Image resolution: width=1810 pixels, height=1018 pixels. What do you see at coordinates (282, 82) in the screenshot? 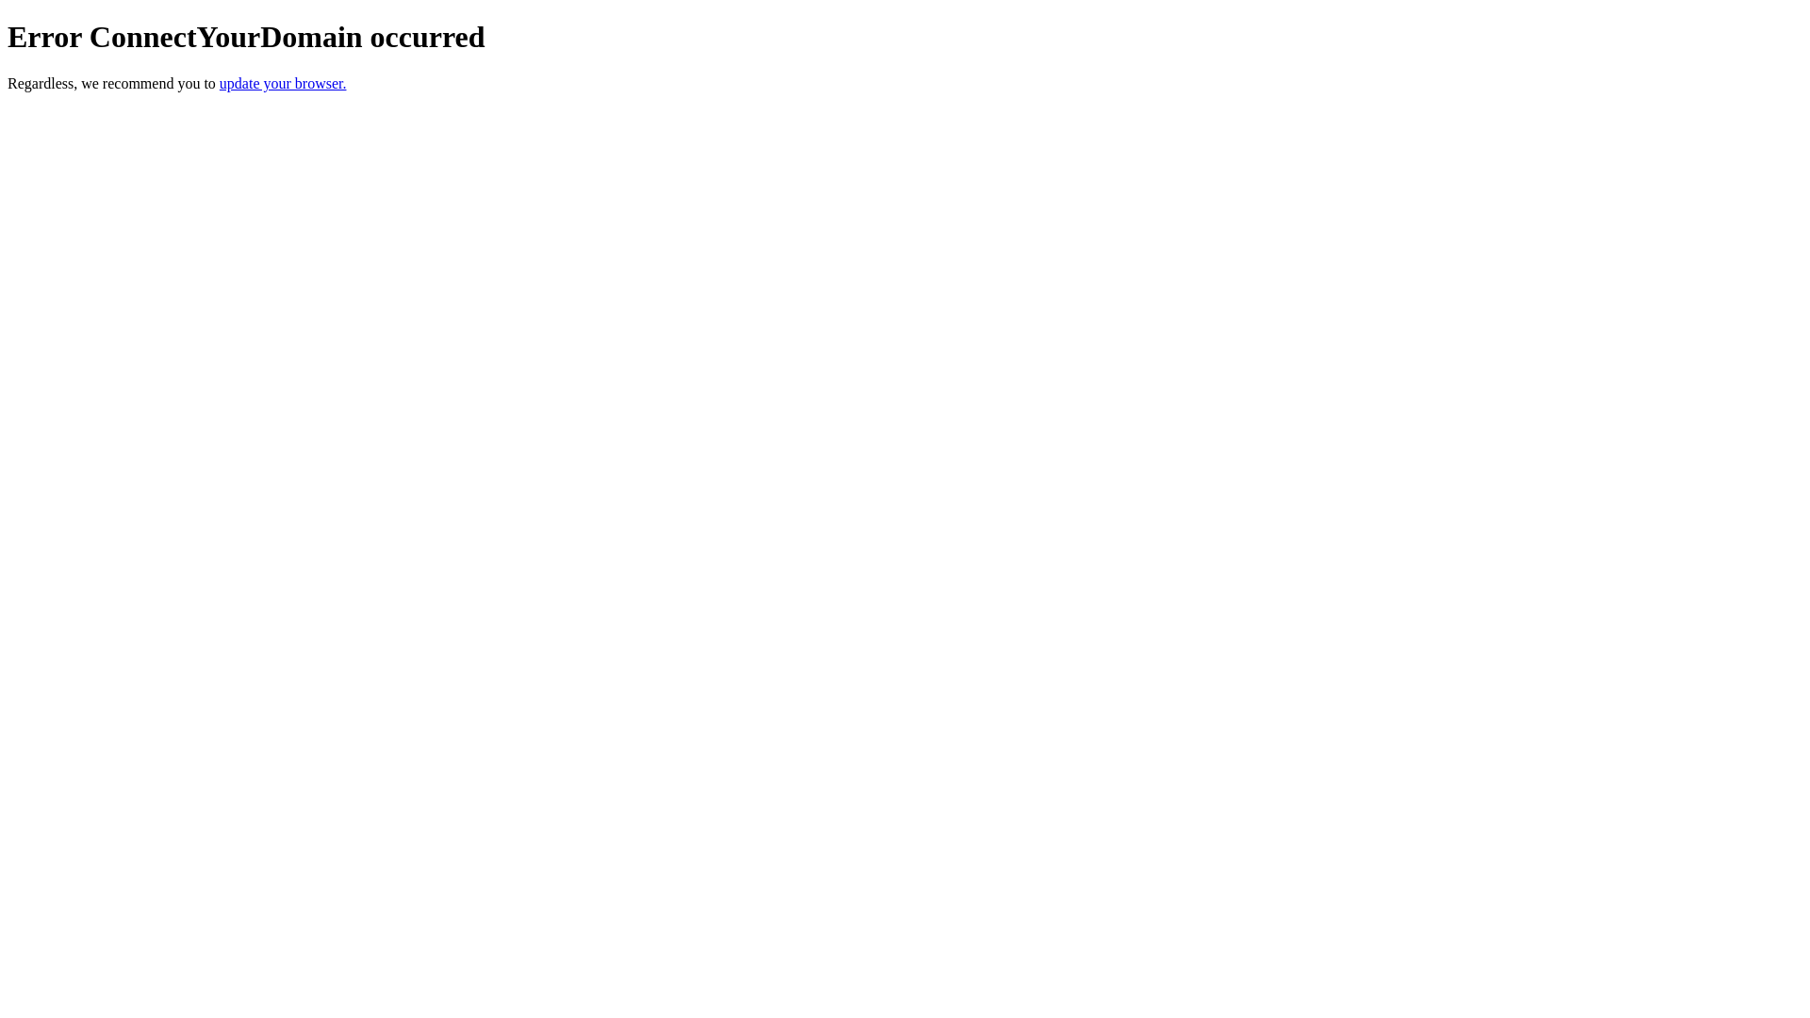
I see `'update your browser.'` at bounding box center [282, 82].